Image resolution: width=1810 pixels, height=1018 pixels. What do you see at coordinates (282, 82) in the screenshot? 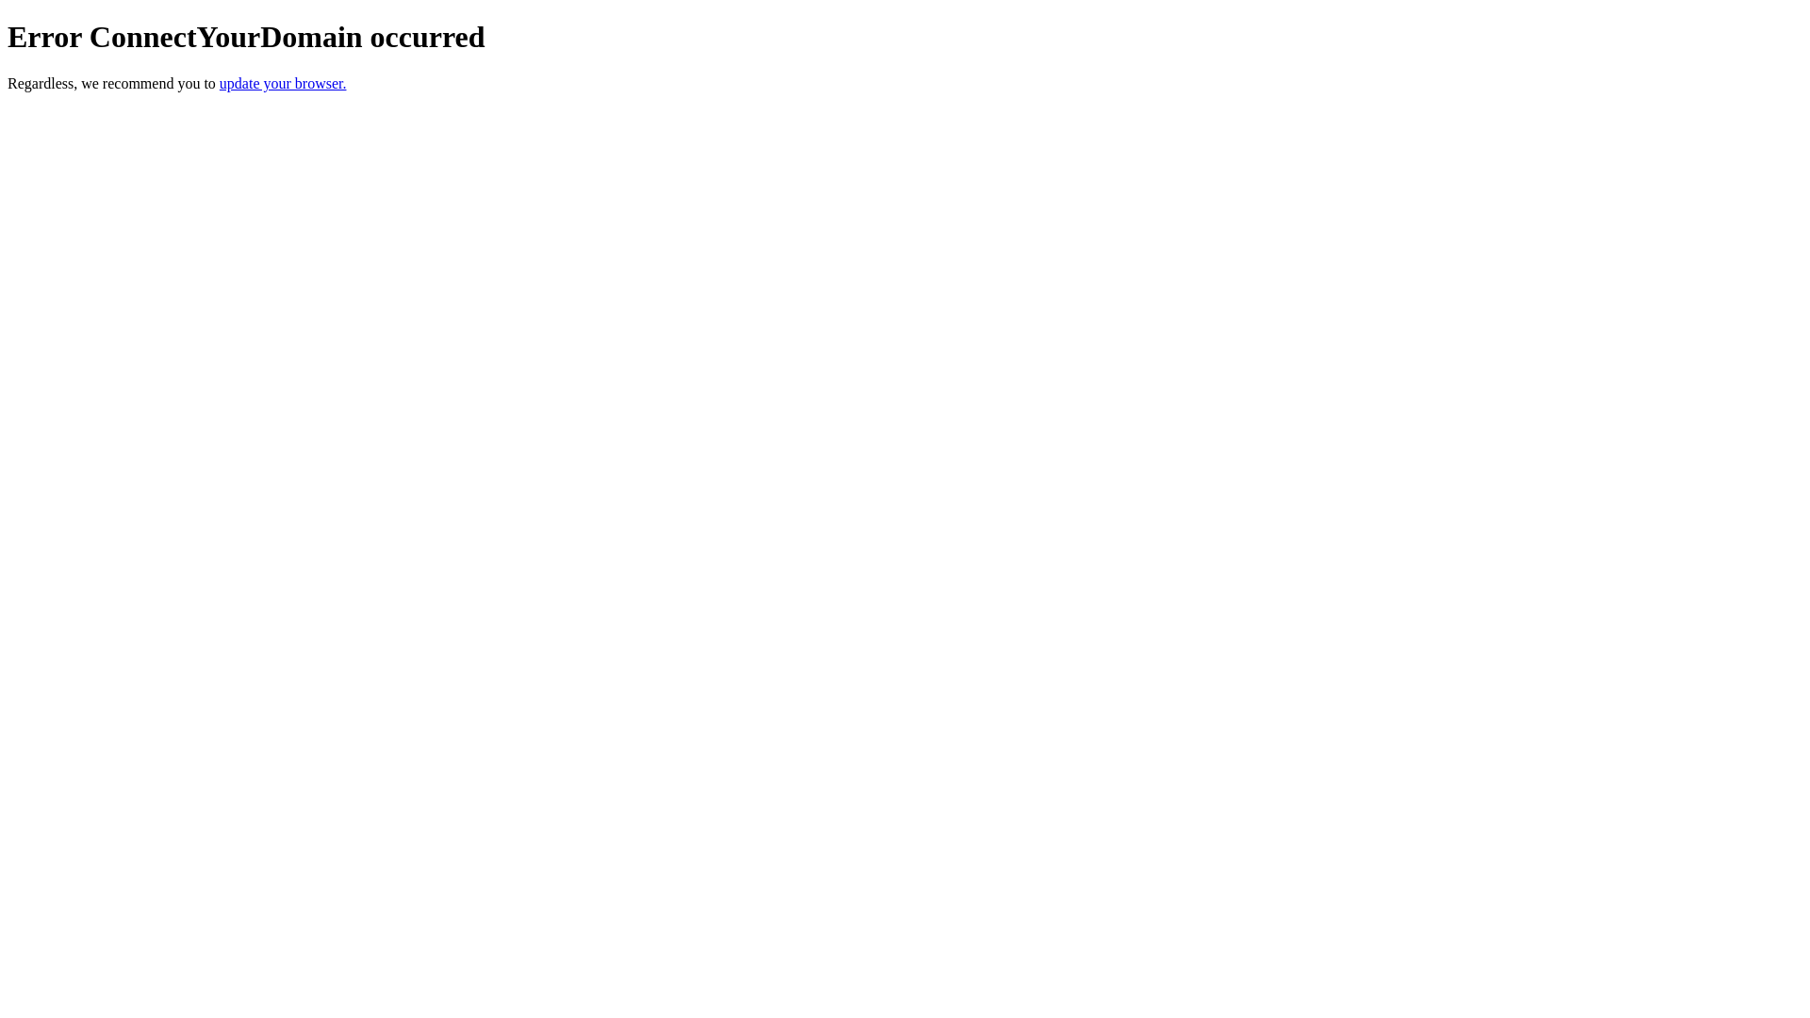
I see `'update your browser.'` at bounding box center [282, 82].